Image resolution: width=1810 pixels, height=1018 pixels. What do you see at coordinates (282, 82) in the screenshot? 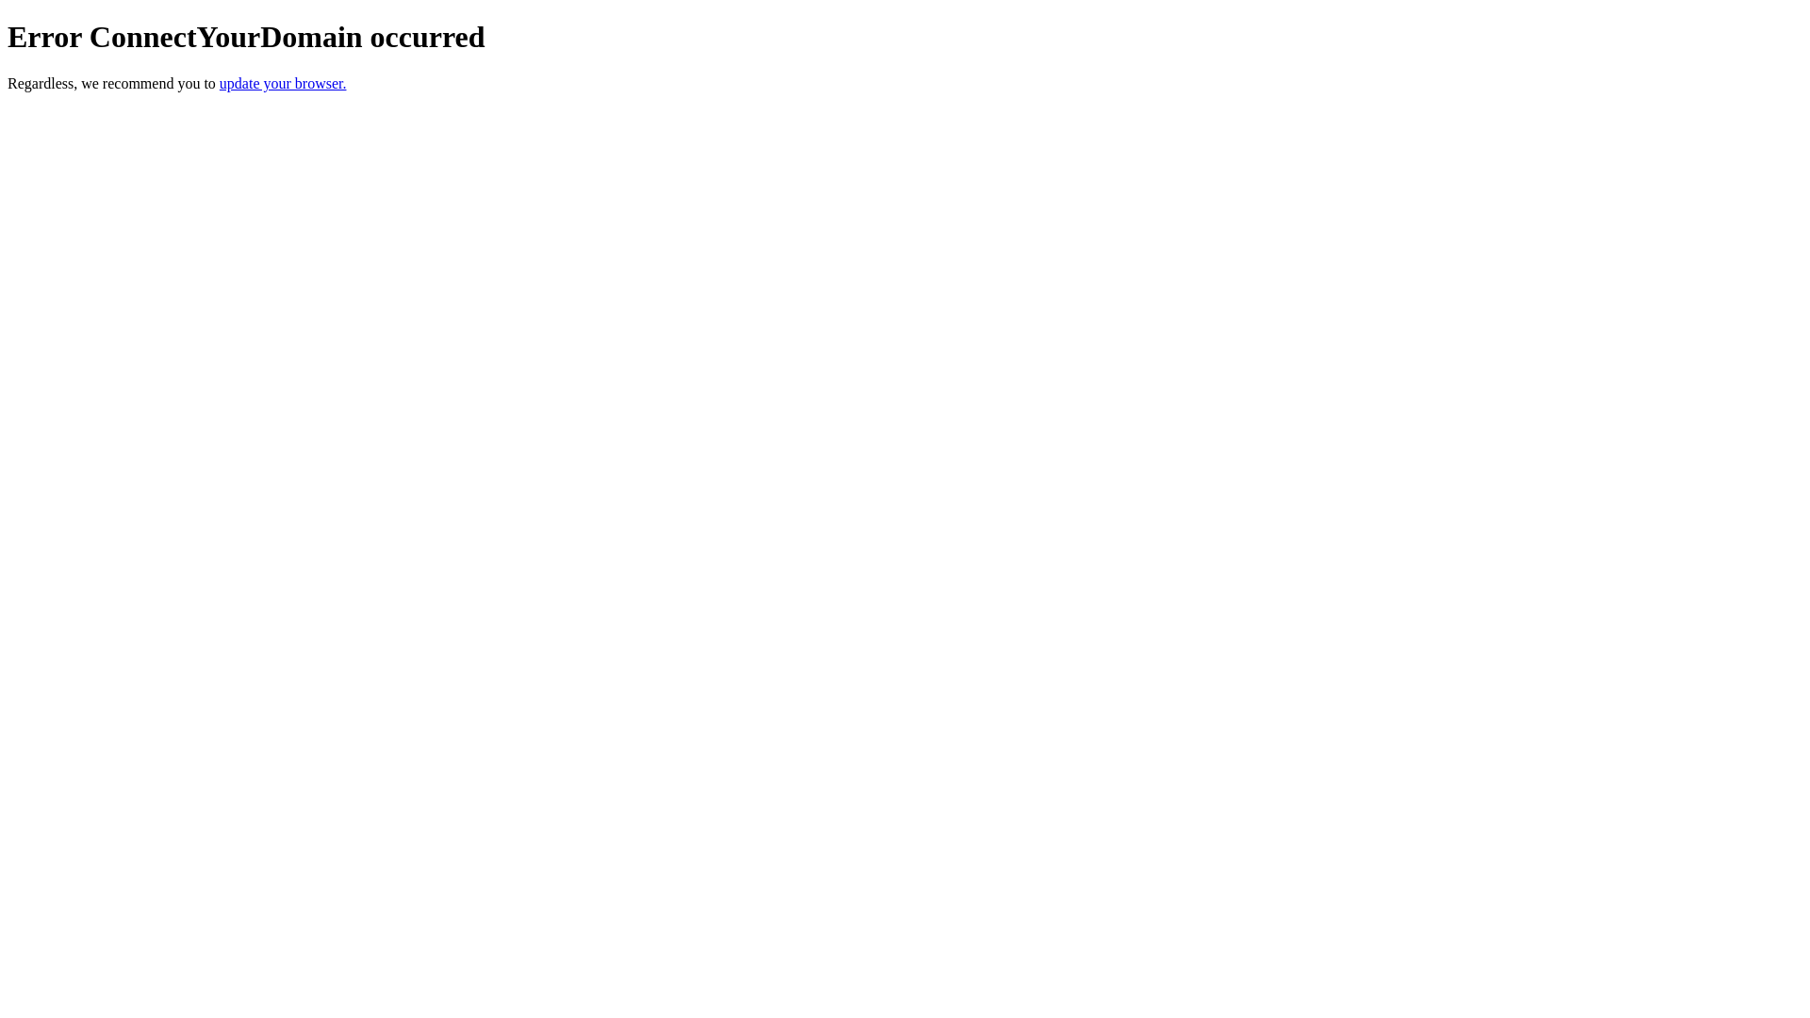
I see `'update your browser.'` at bounding box center [282, 82].